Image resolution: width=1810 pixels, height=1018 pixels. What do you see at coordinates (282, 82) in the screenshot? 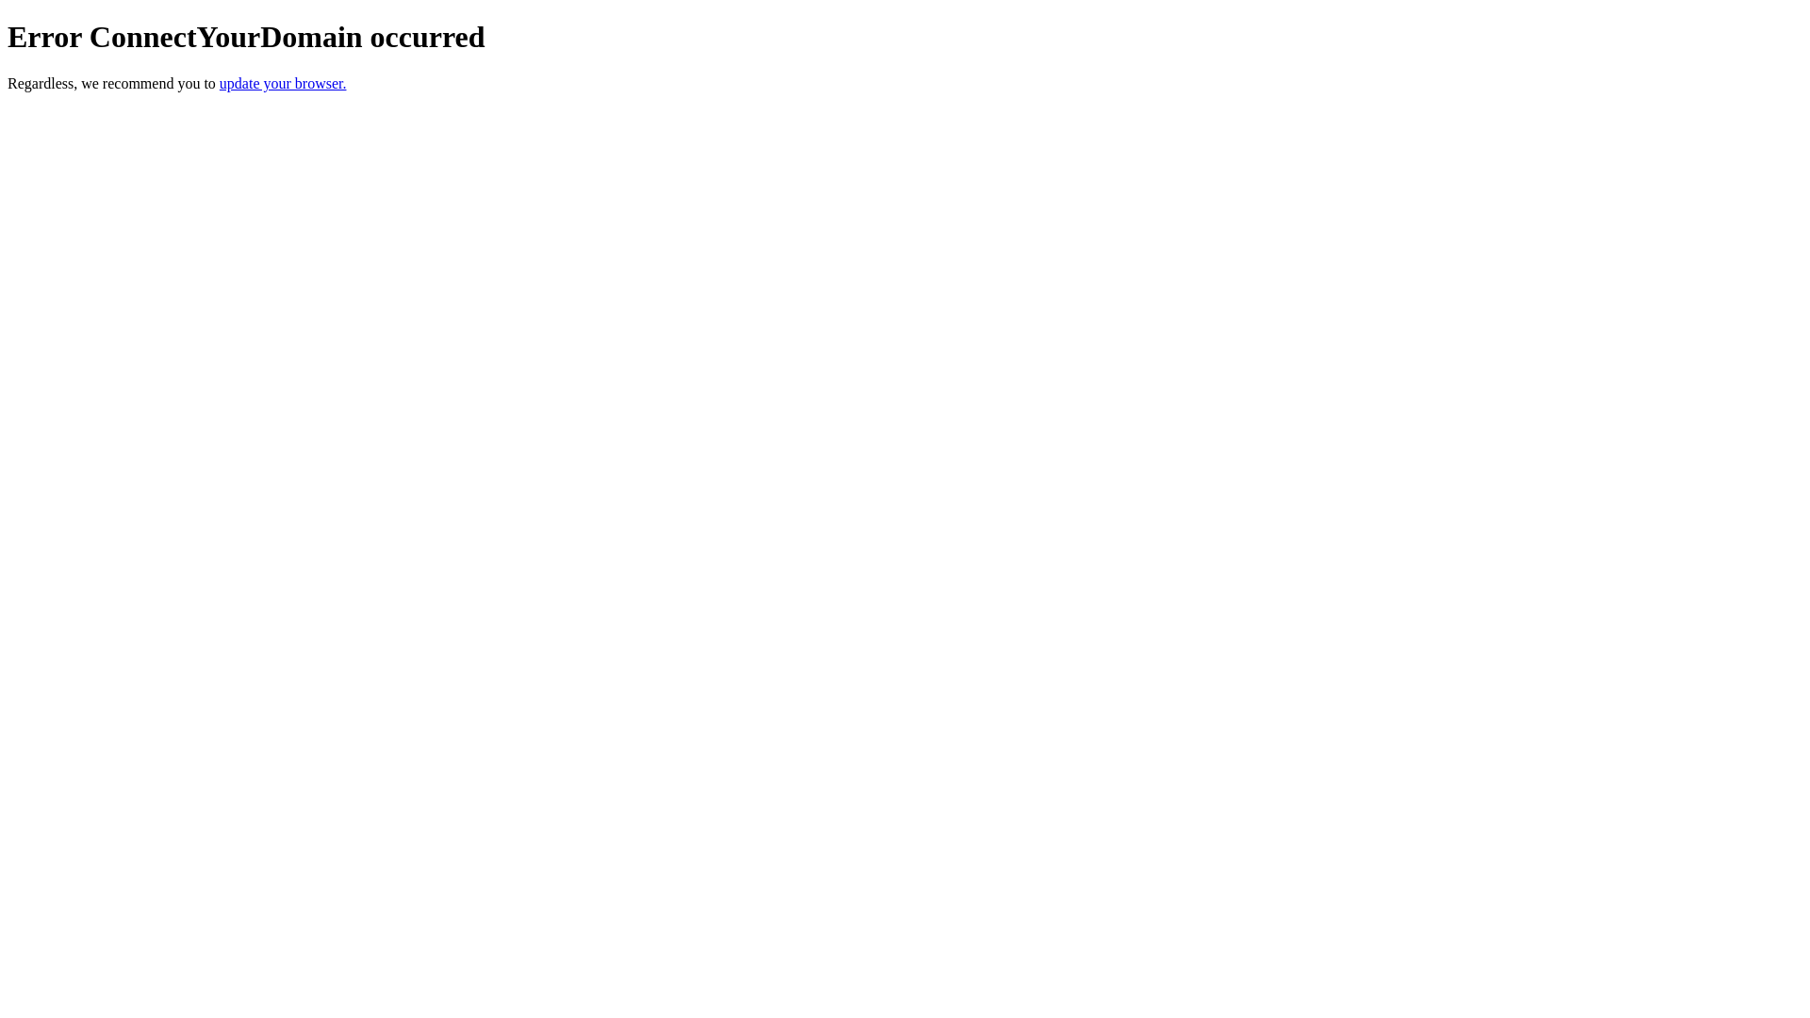
I see `'update your browser.'` at bounding box center [282, 82].